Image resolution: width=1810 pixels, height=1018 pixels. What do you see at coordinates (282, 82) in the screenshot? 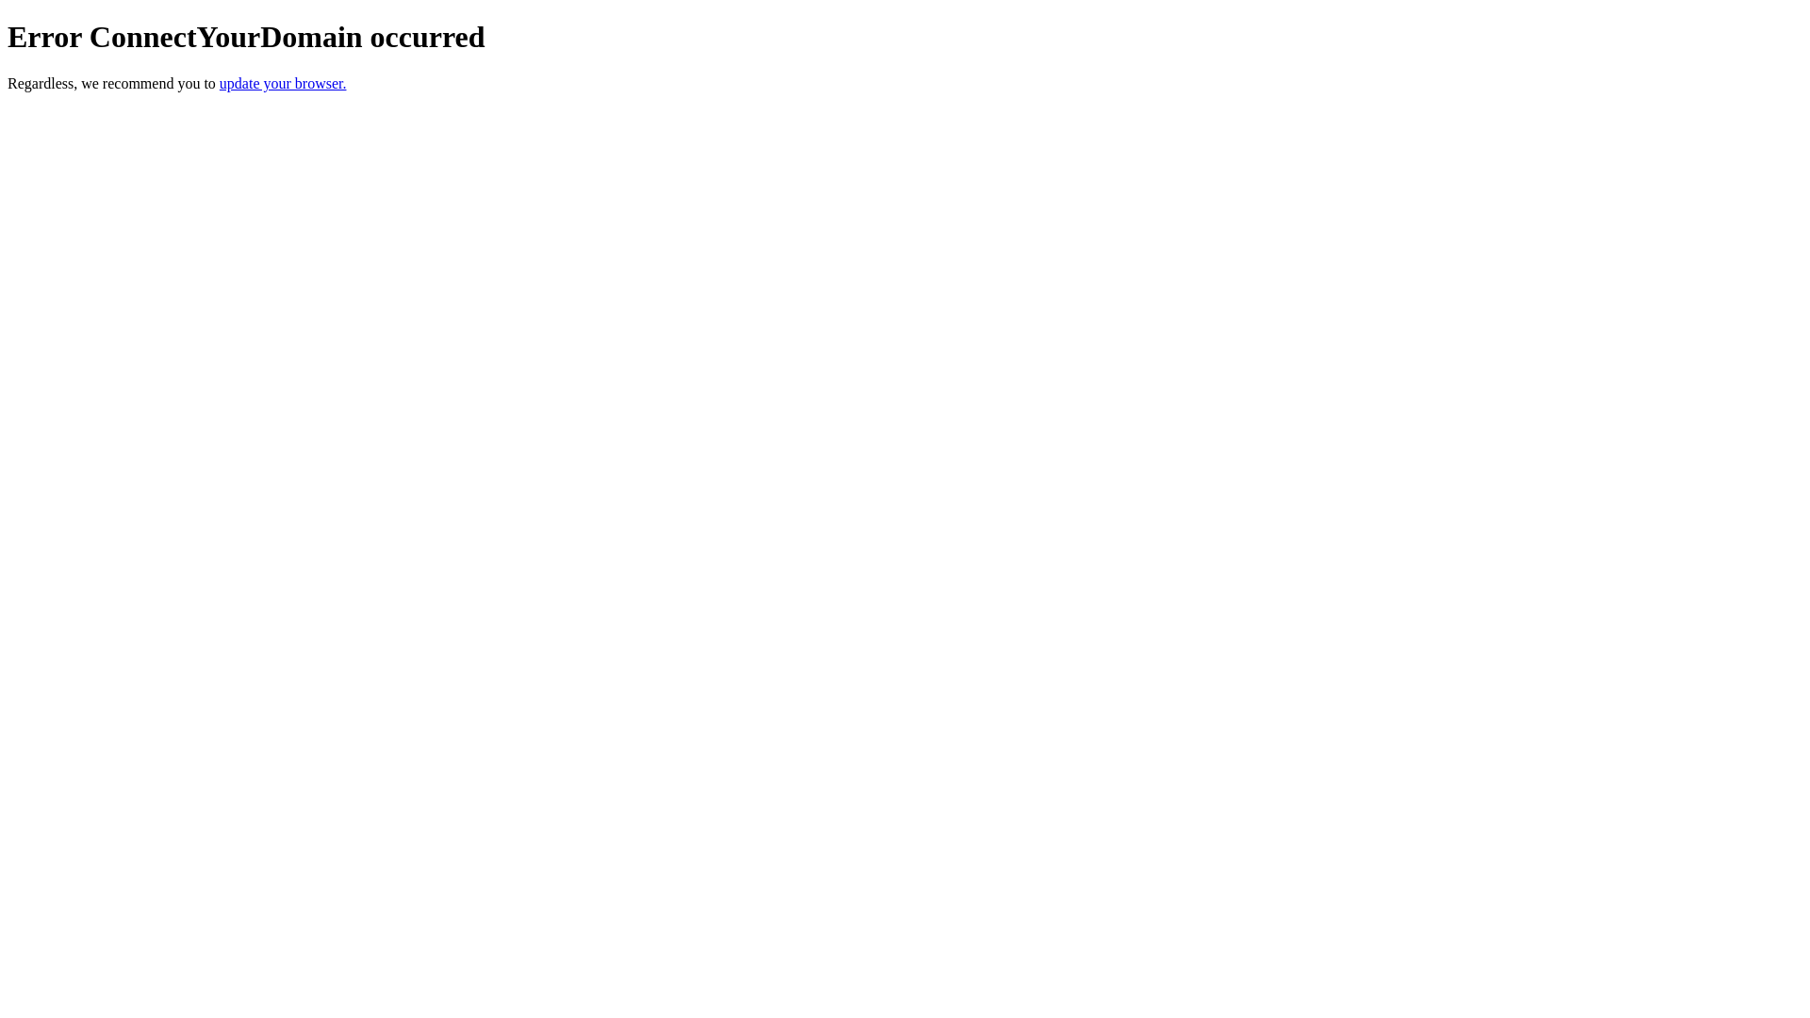
I see `'update your browser.'` at bounding box center [282, 82].